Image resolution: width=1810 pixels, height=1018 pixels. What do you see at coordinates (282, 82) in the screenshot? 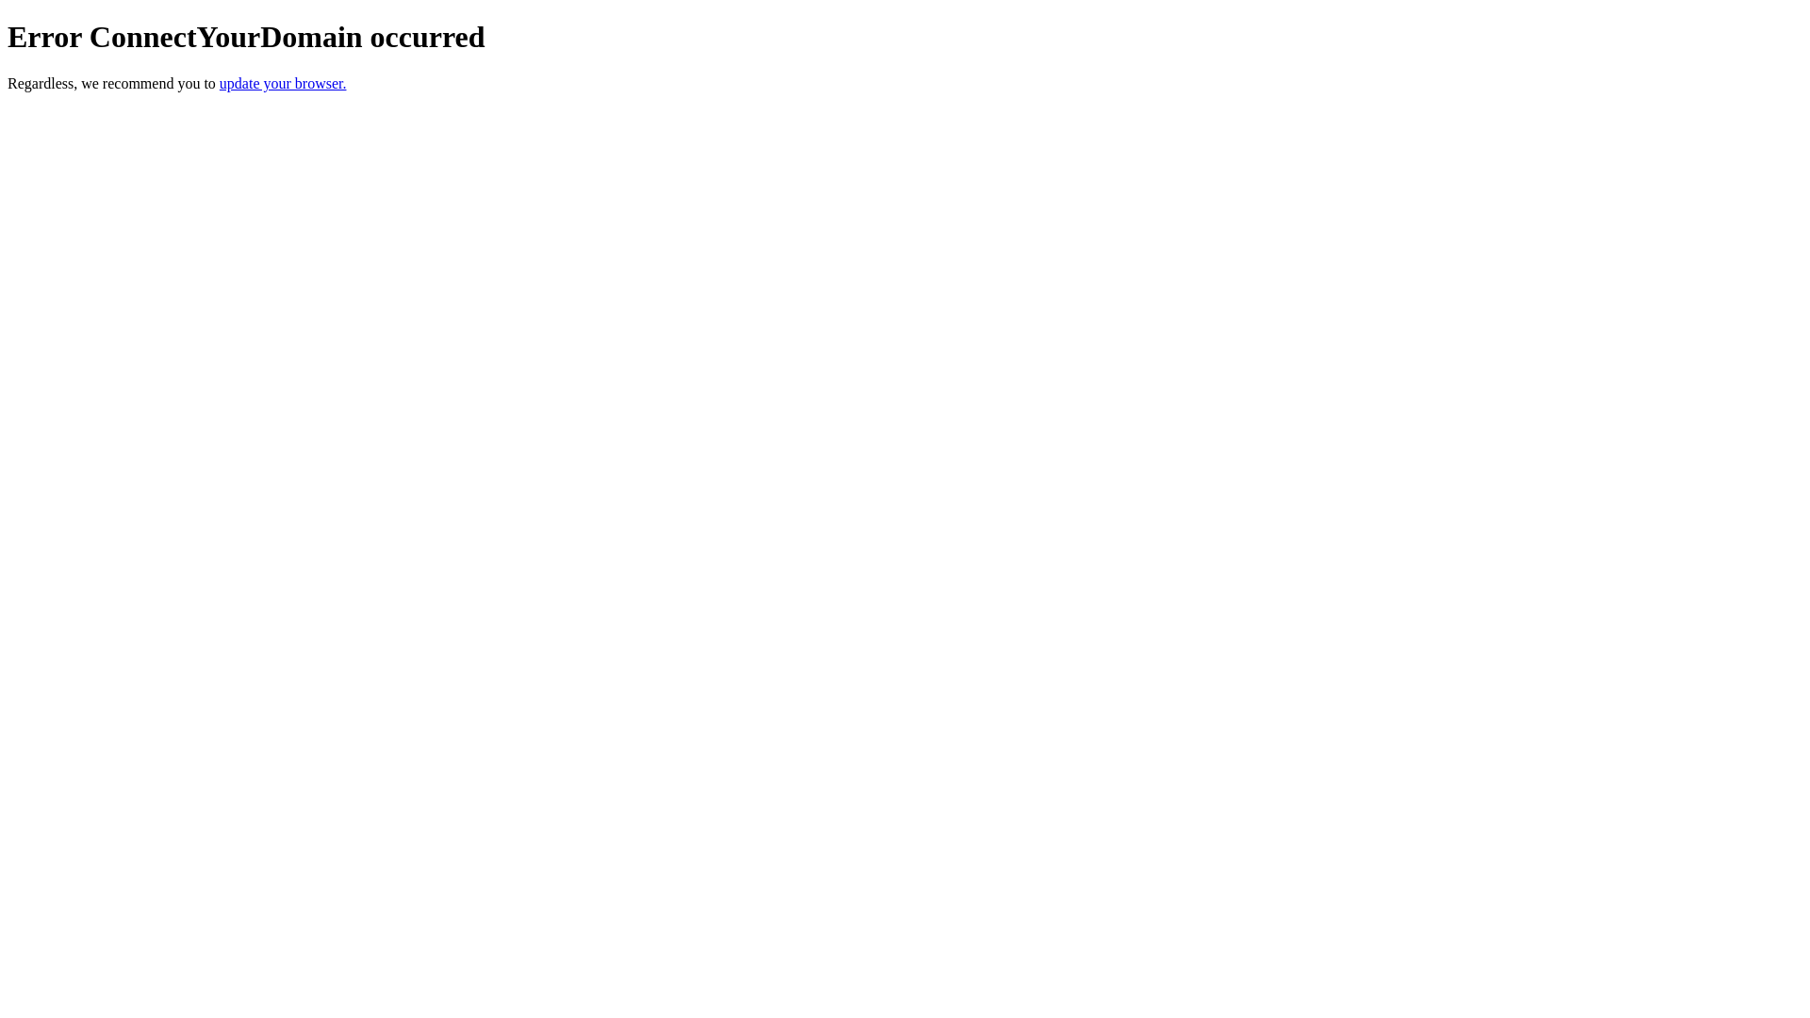
I see `'update your browser.'` at bounding box center [282, 82].